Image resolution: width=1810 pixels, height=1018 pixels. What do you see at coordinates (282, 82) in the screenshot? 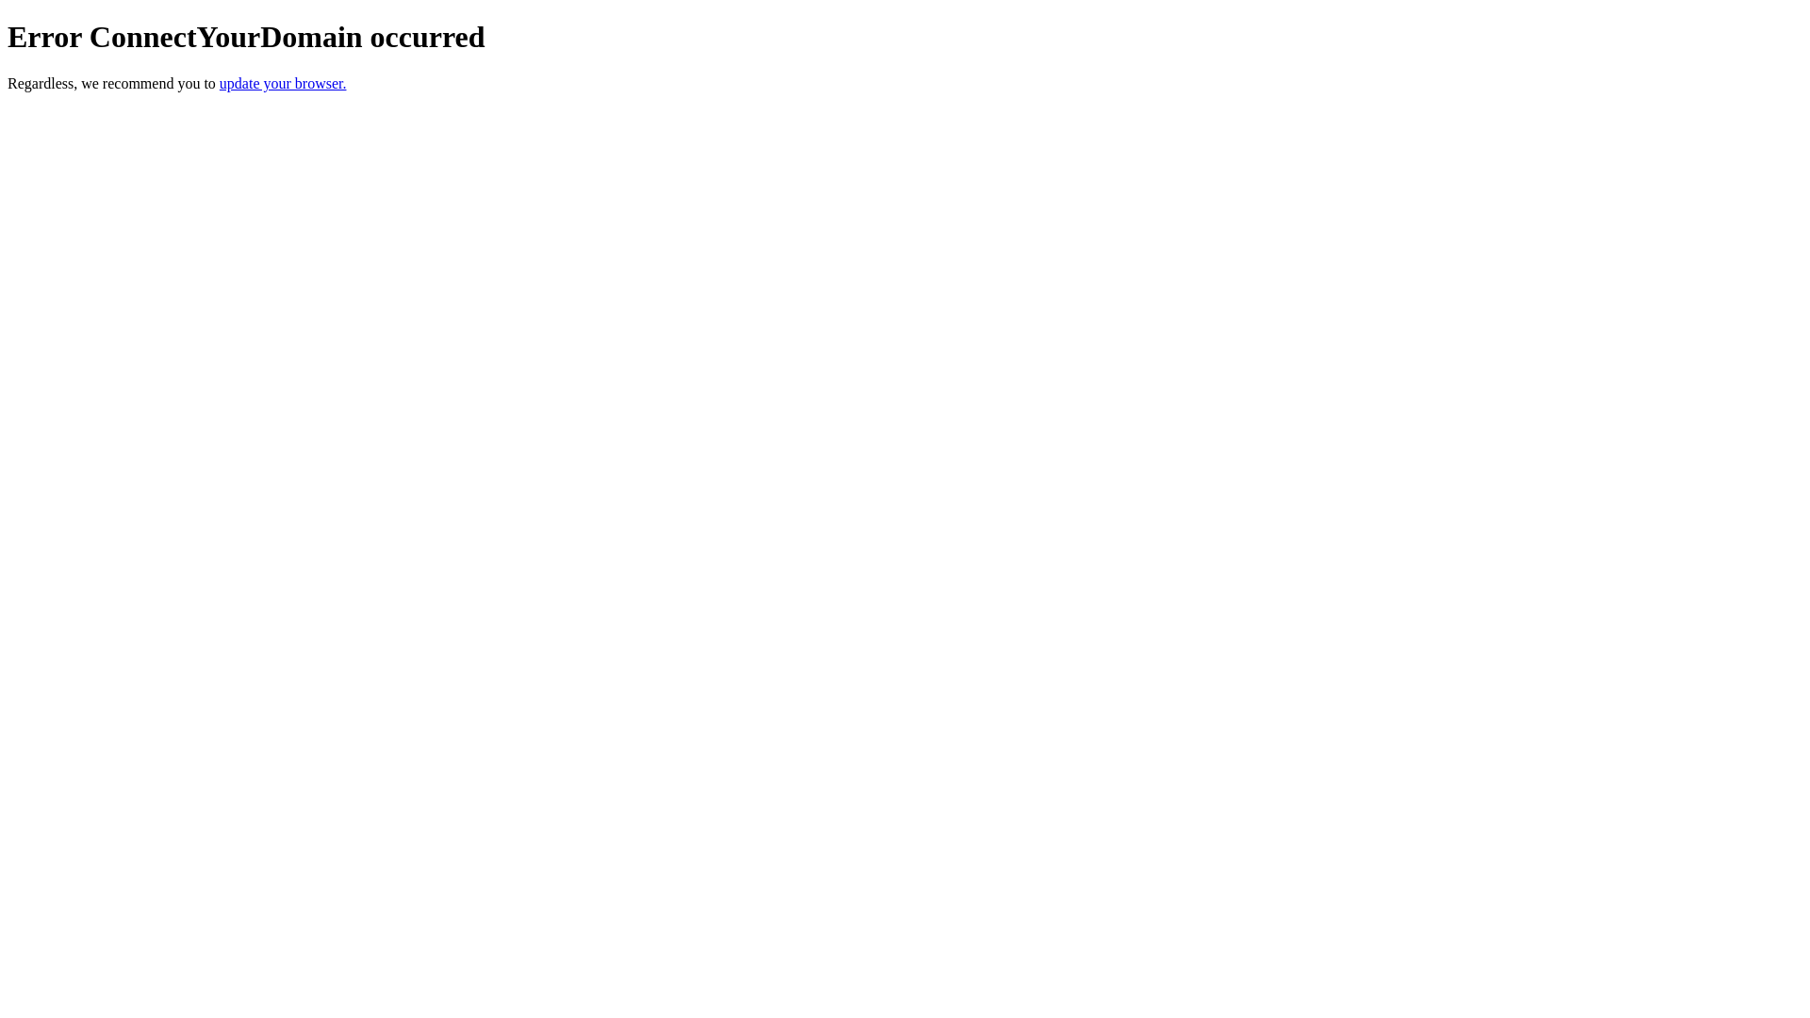
I see `'update your browser.'` at bounding box center [282, 82].